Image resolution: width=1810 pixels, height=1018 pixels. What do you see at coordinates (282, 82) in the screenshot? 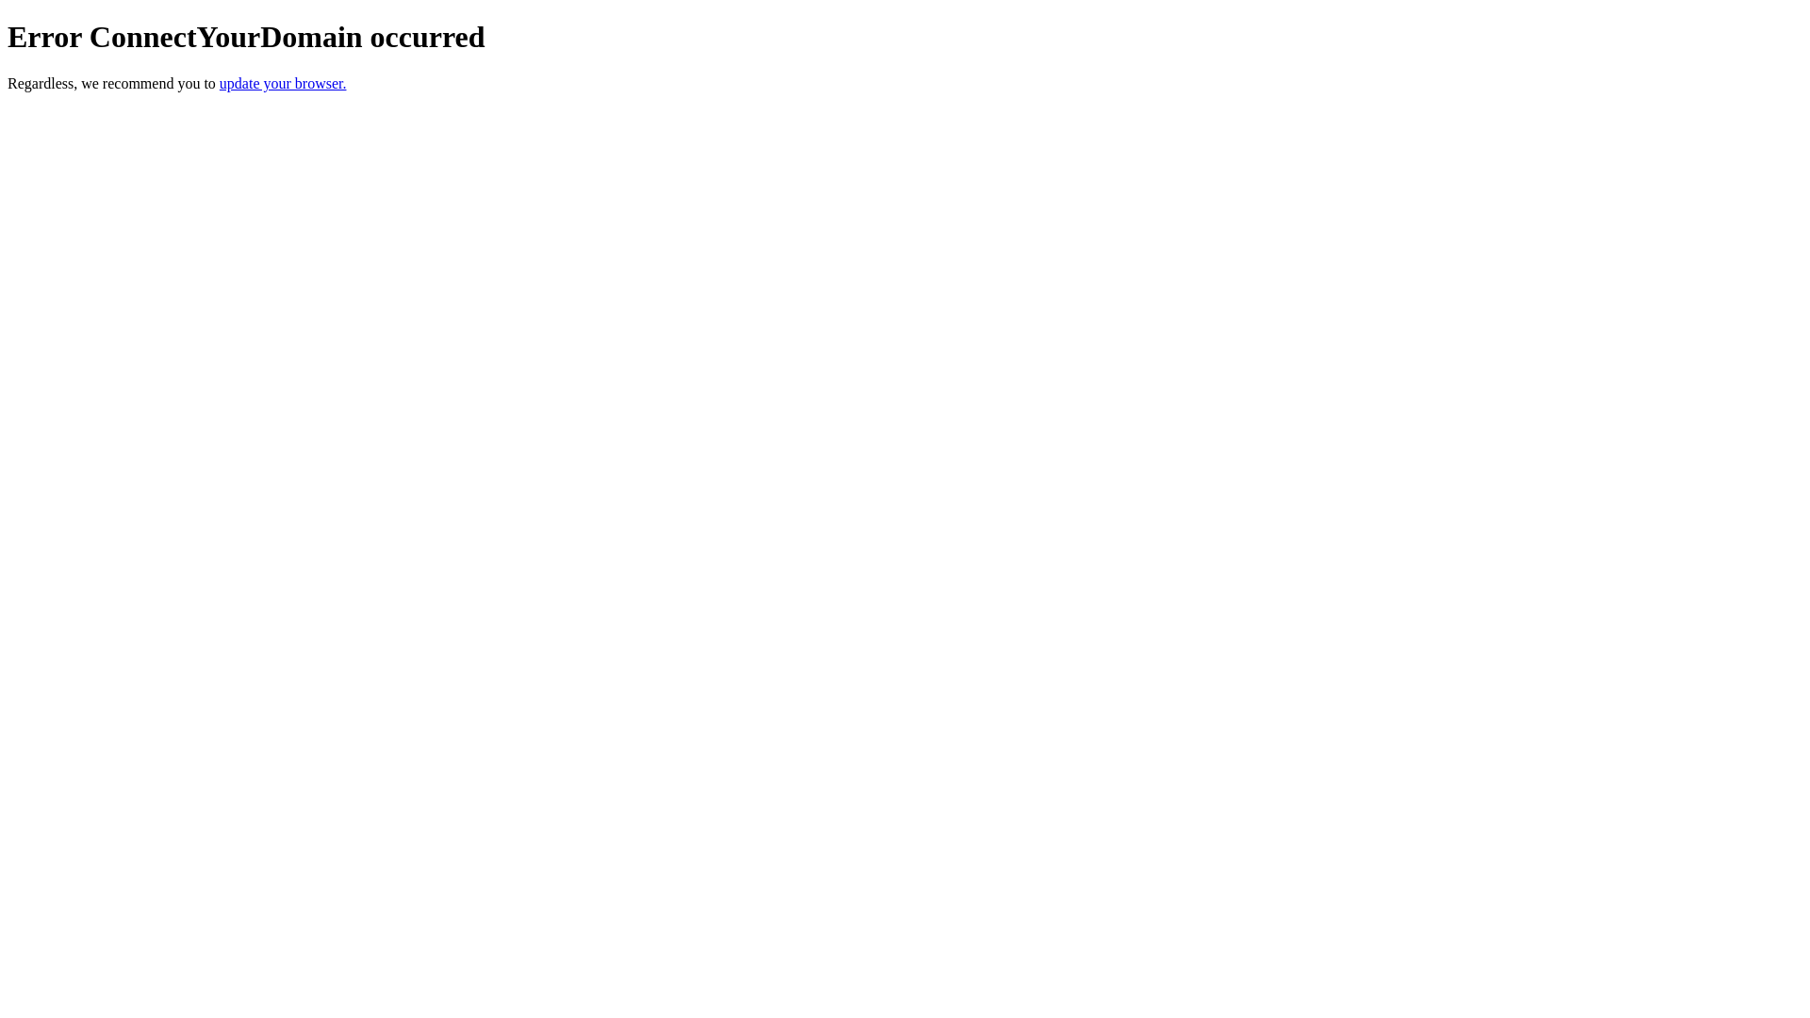
I see `'update your browser.'` at bounding box center [282, 82].